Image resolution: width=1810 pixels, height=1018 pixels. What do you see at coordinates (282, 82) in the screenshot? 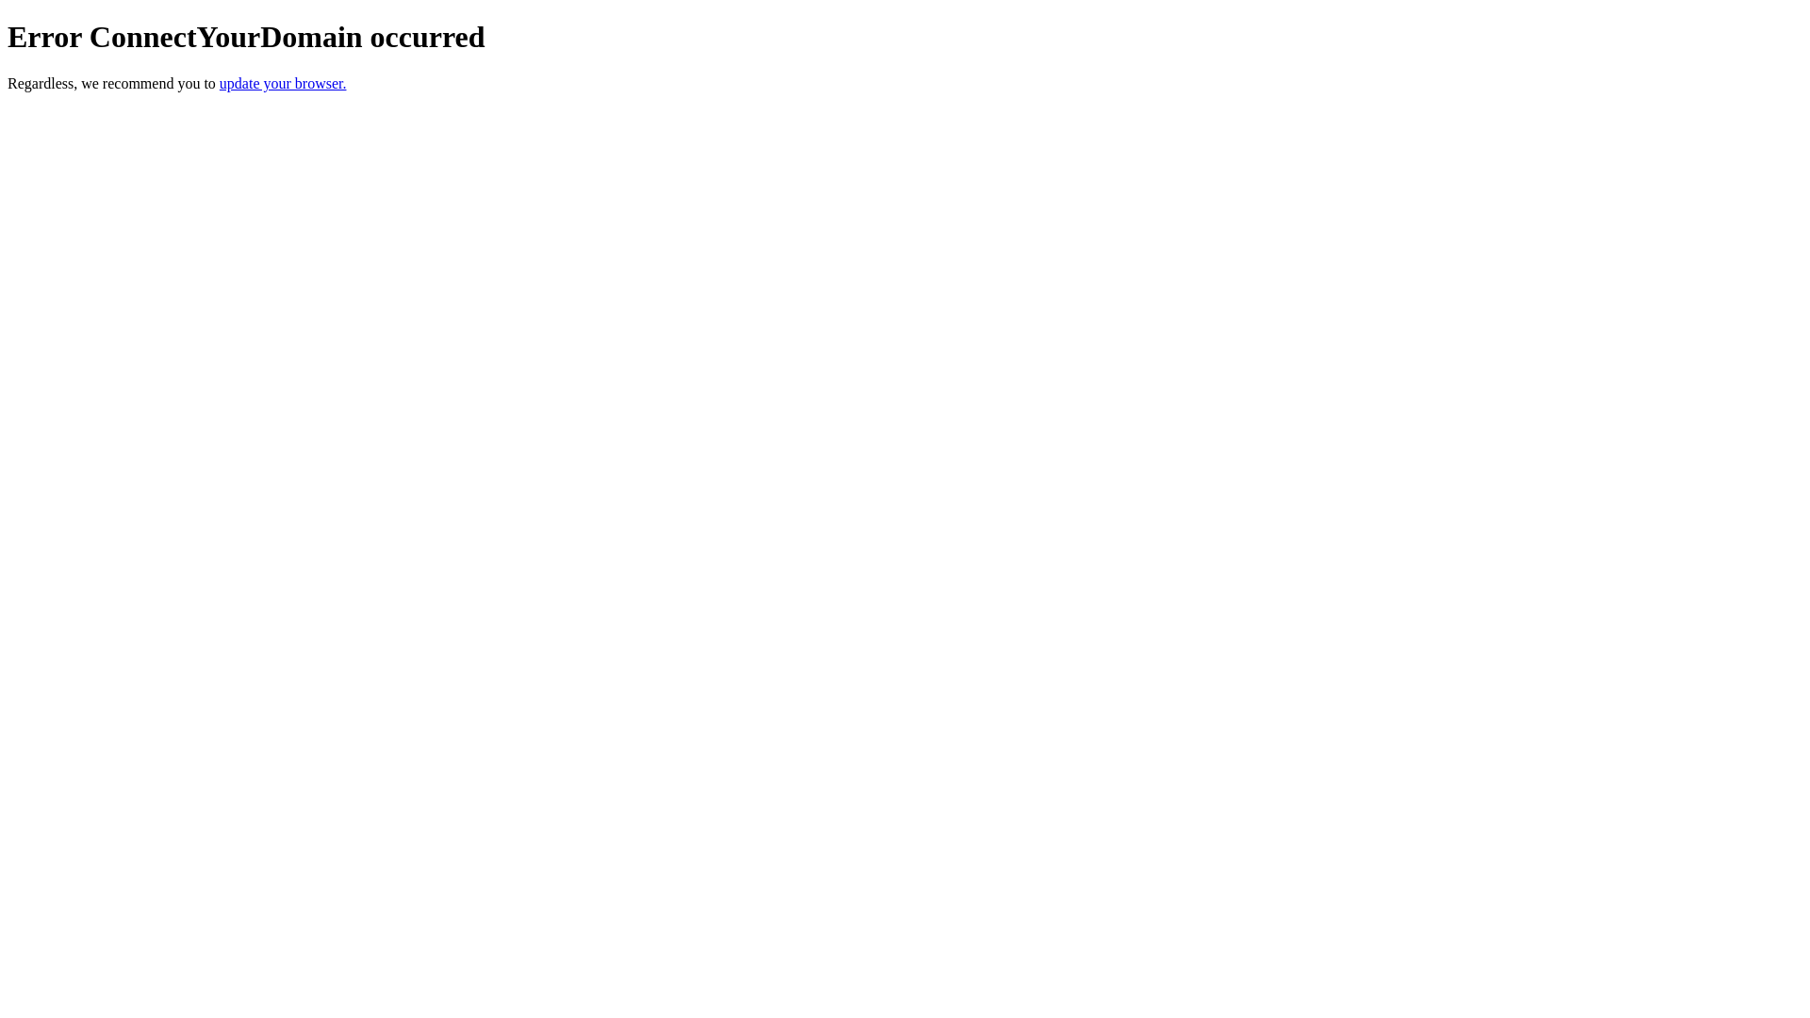
I see `'update your browser.'` at bounding box center [282, 82].